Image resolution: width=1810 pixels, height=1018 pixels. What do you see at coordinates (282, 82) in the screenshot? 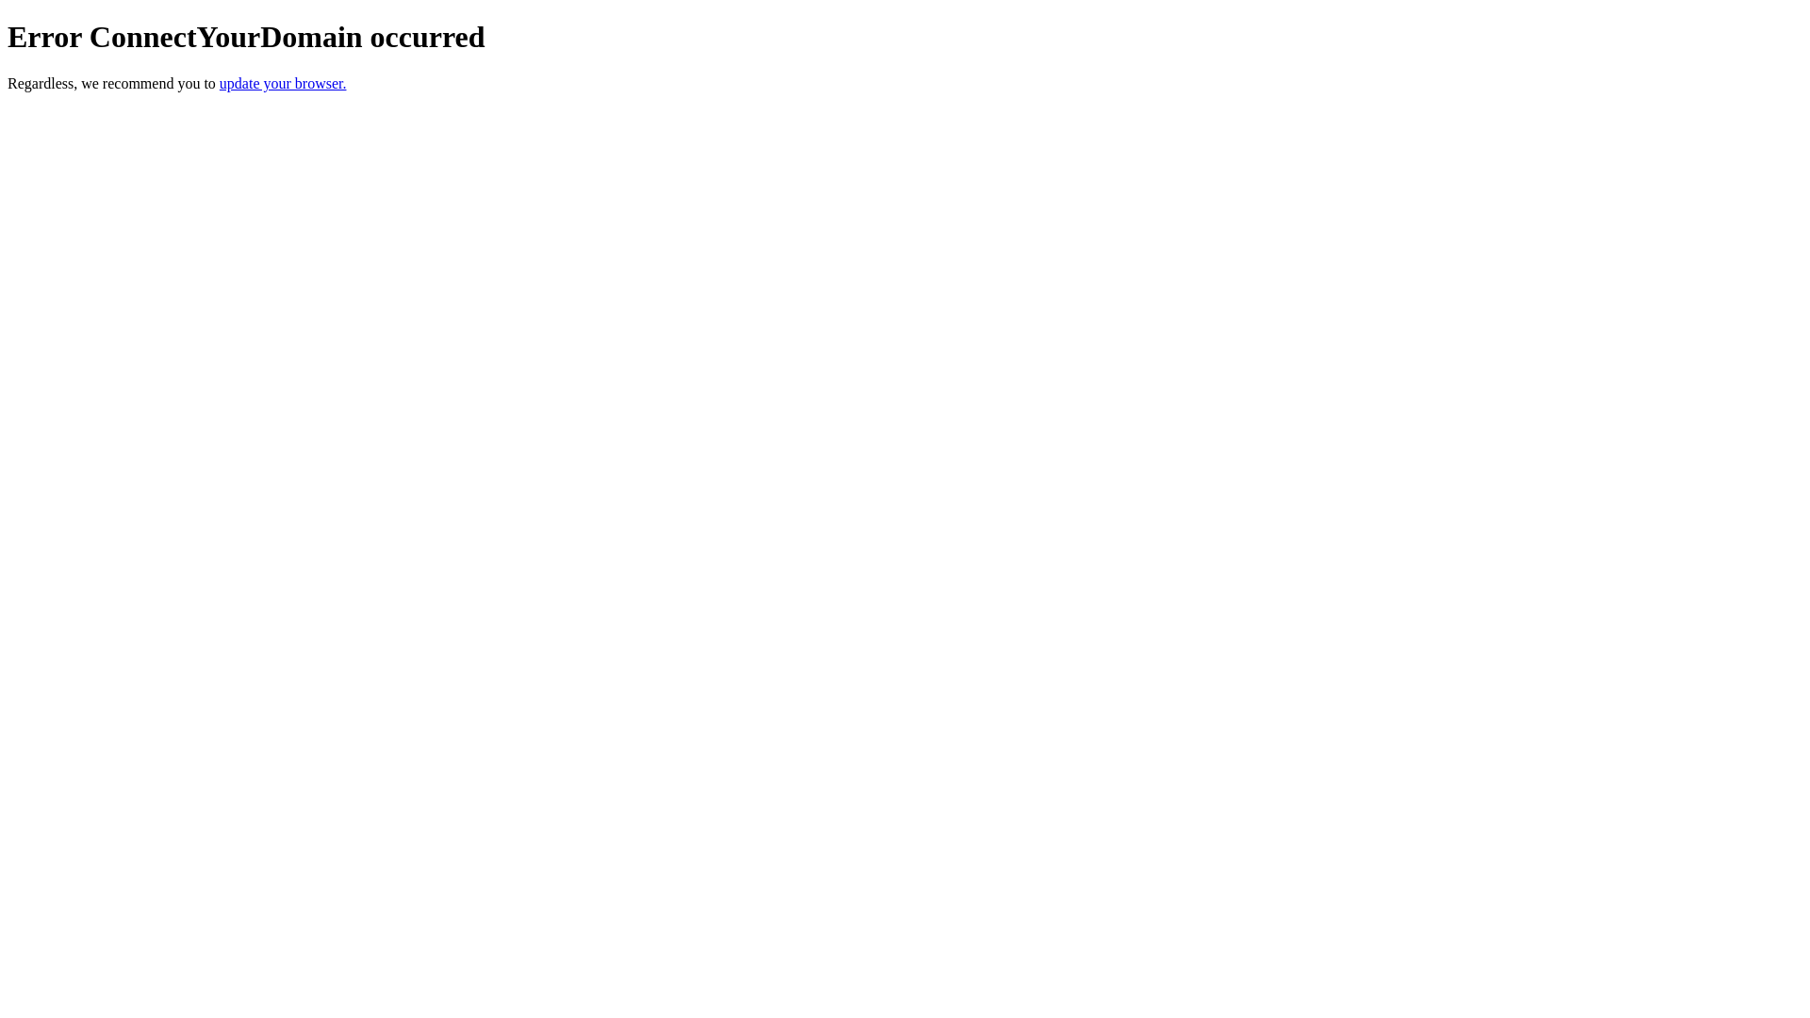
I see `'update your browser.'` at bounding box center [282, 82].